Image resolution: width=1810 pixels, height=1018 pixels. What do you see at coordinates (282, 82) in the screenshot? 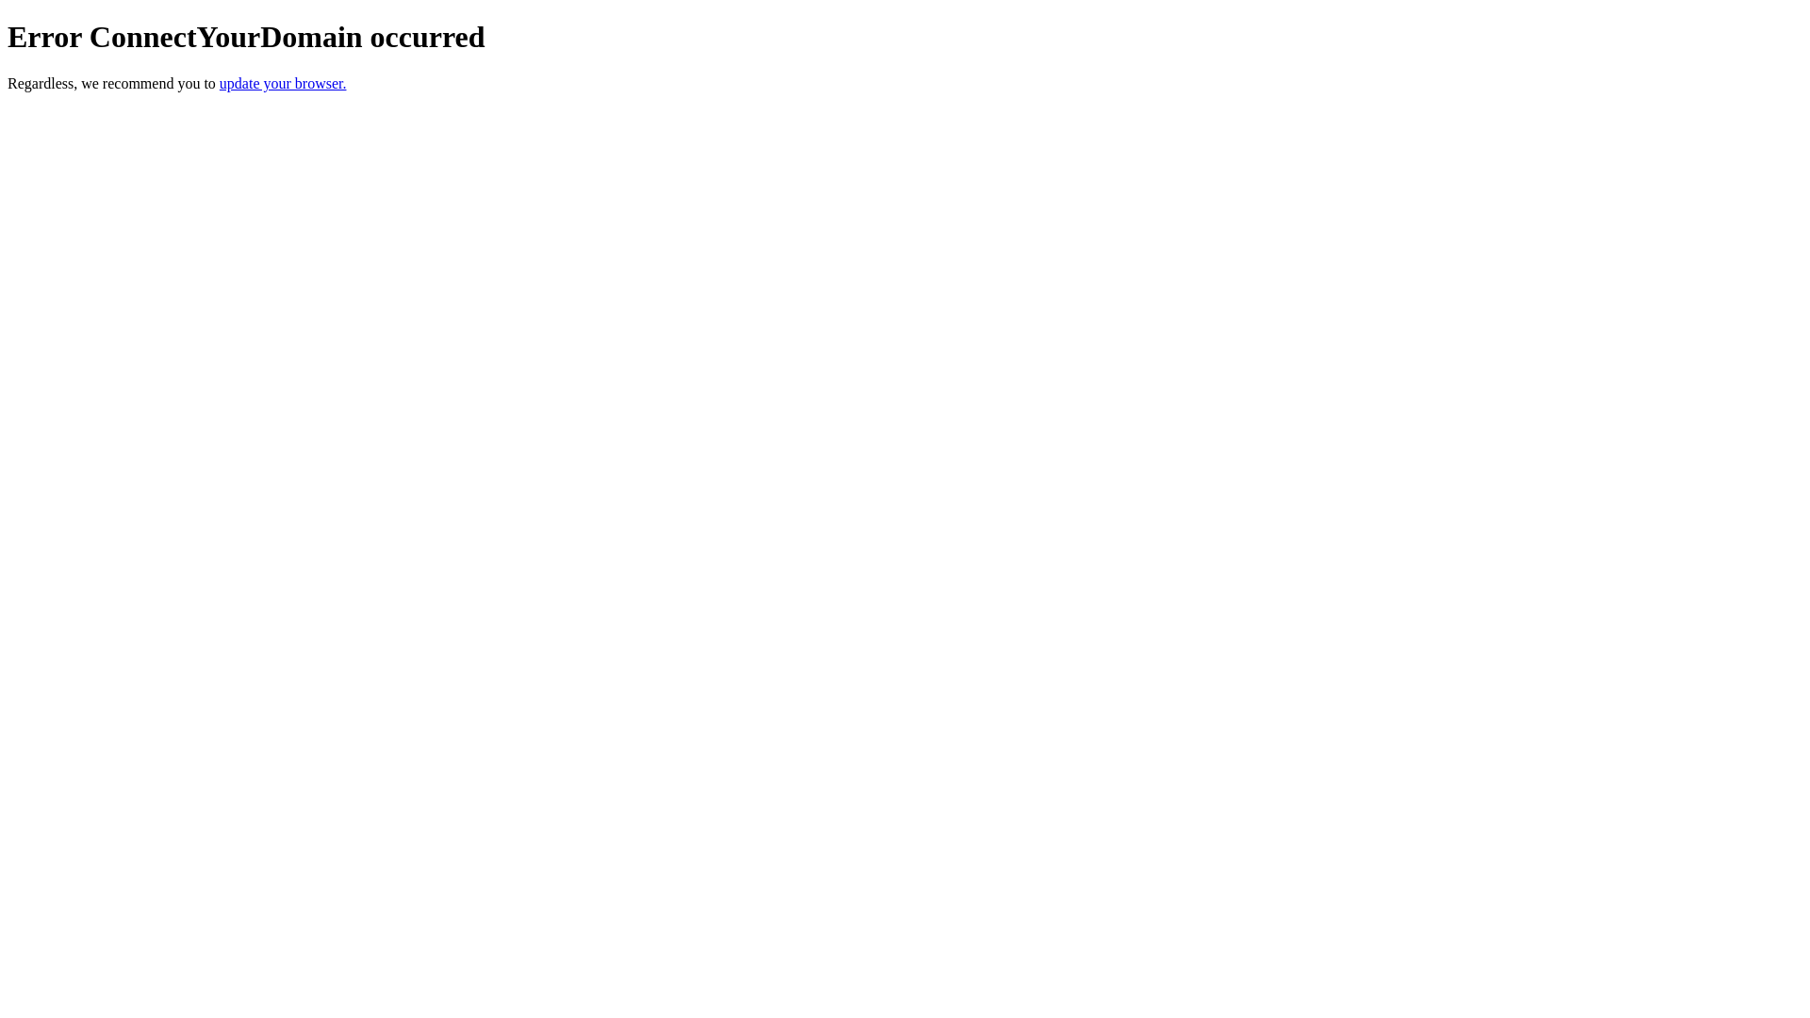
I see `'update your browser.'` at bounding box center [282, 82].